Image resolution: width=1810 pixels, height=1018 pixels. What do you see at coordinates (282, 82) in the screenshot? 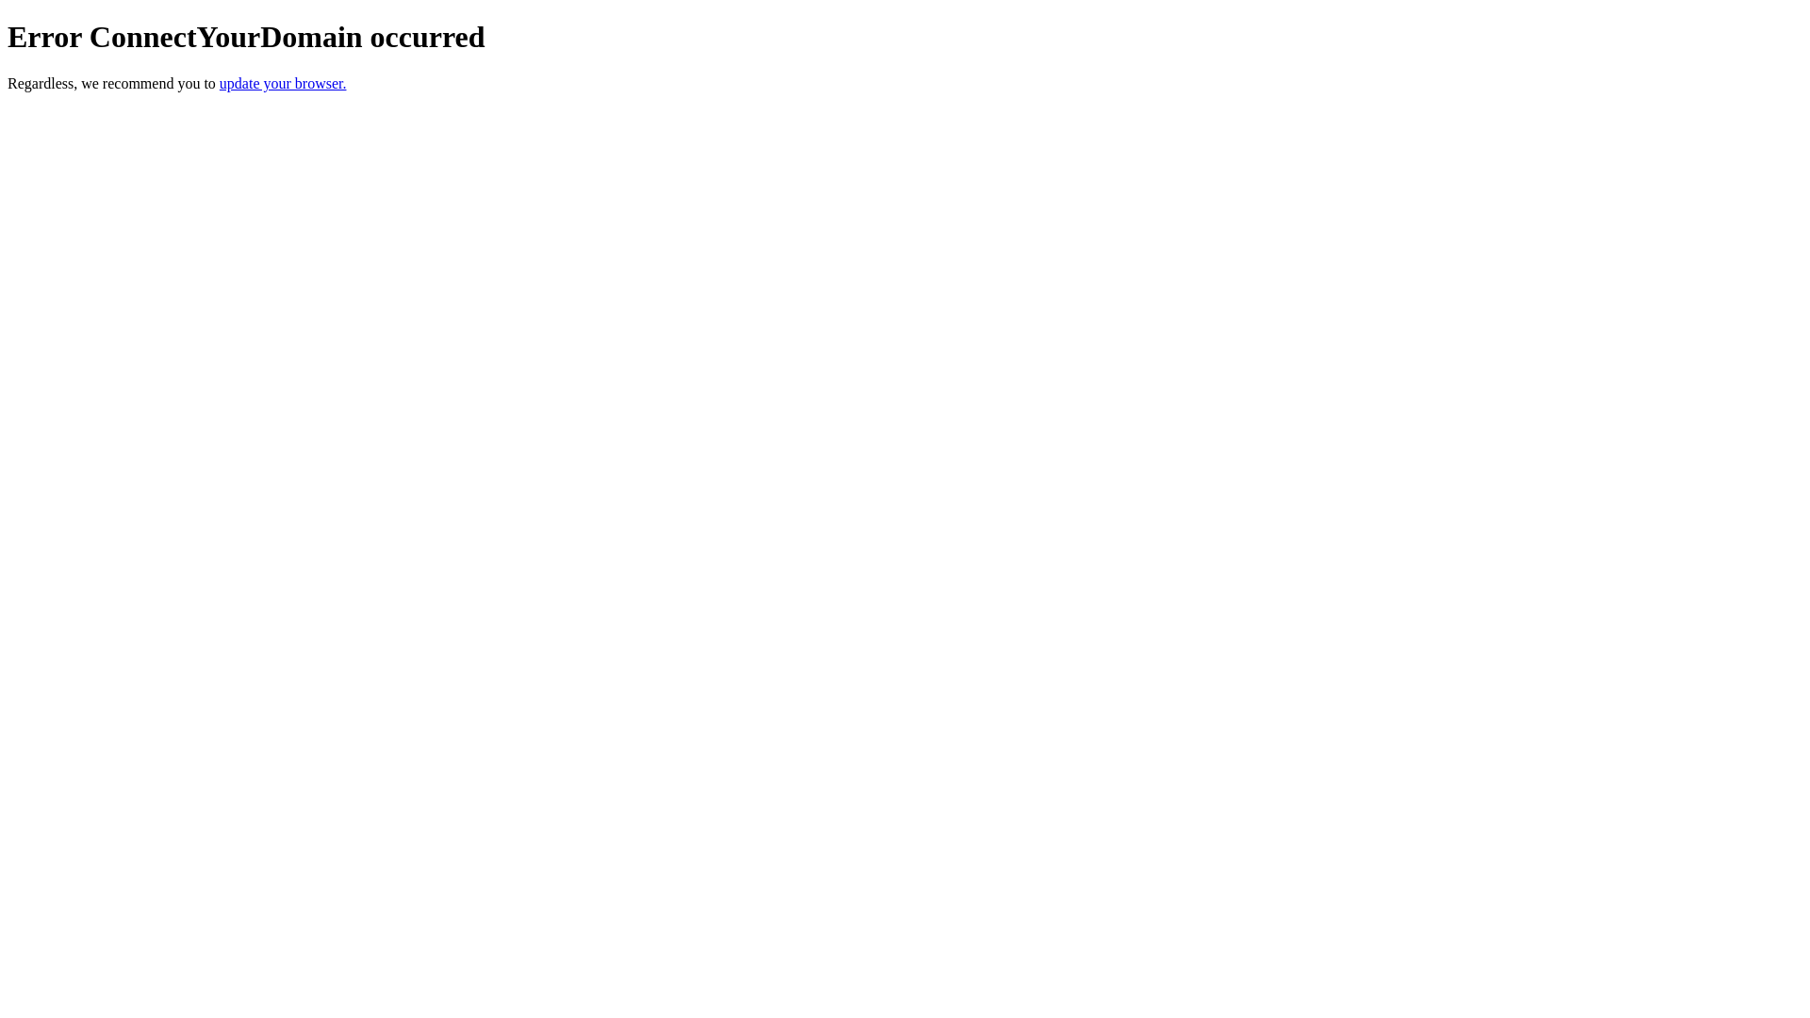
I see `'update your browser.'` at bounding box center [282, 82].